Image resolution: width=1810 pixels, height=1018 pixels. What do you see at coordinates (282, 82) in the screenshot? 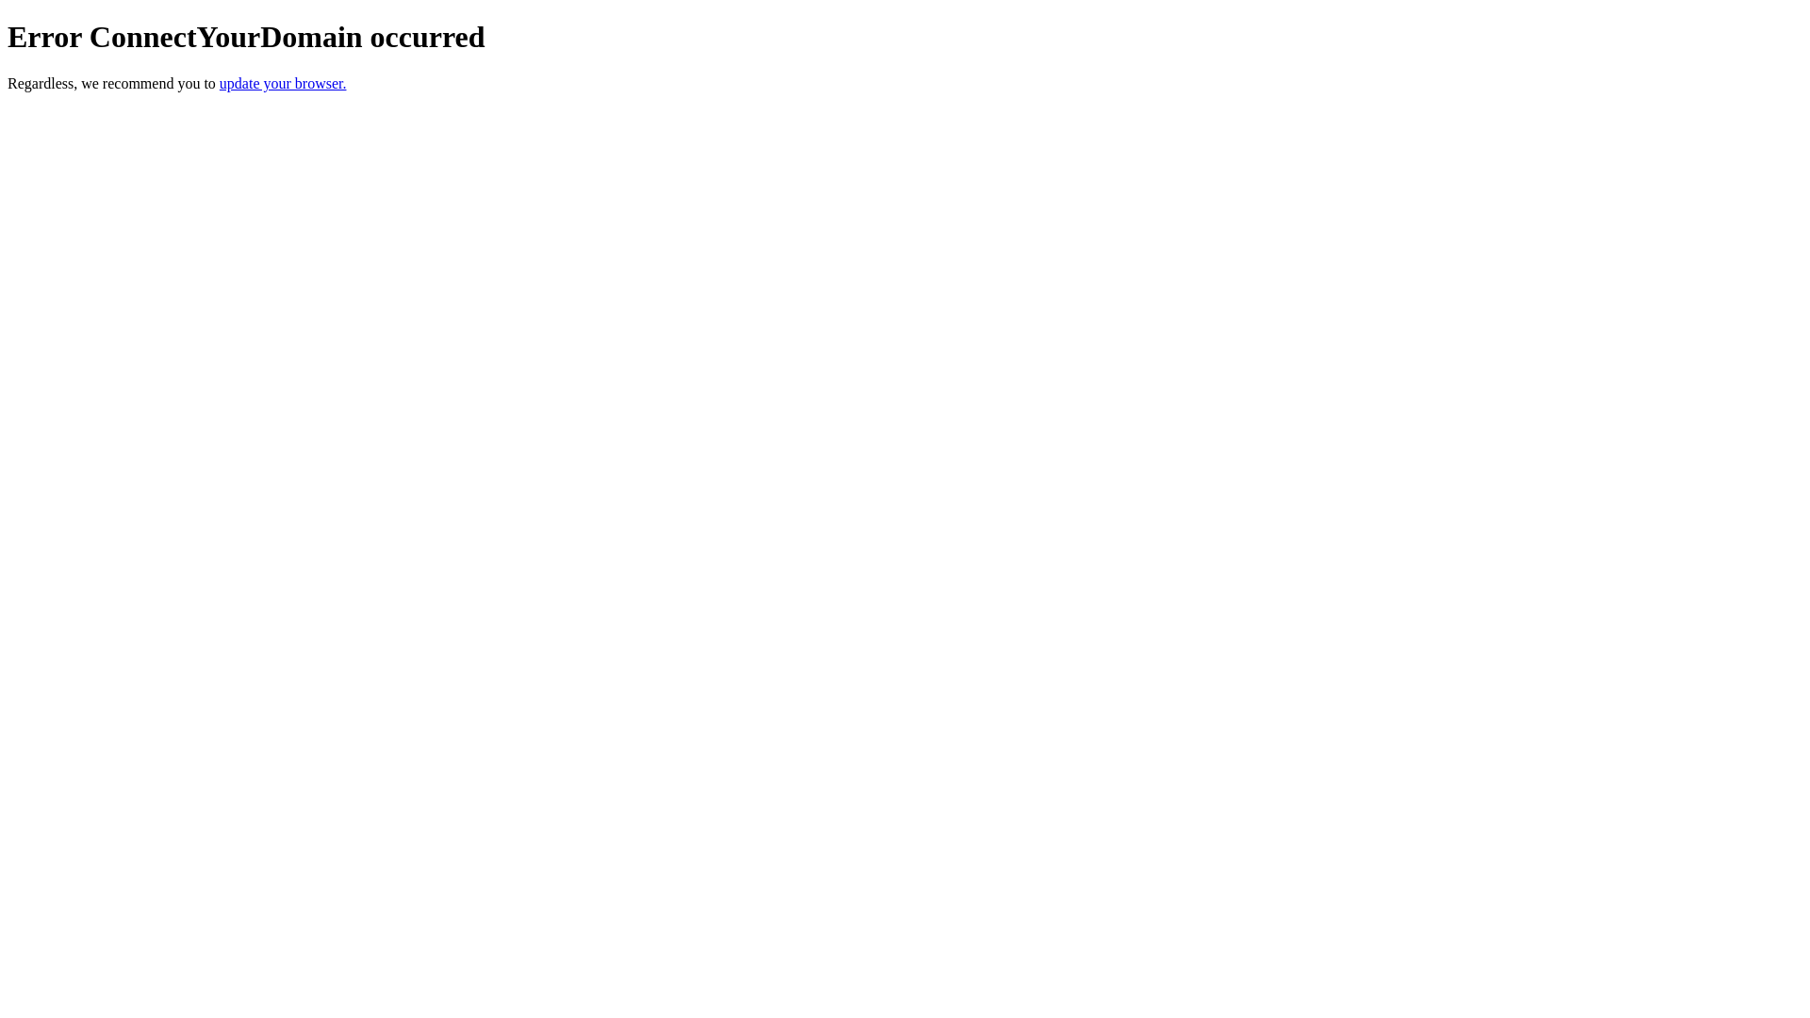
I see `'update your browser.'` at bounding box center [282, 82].